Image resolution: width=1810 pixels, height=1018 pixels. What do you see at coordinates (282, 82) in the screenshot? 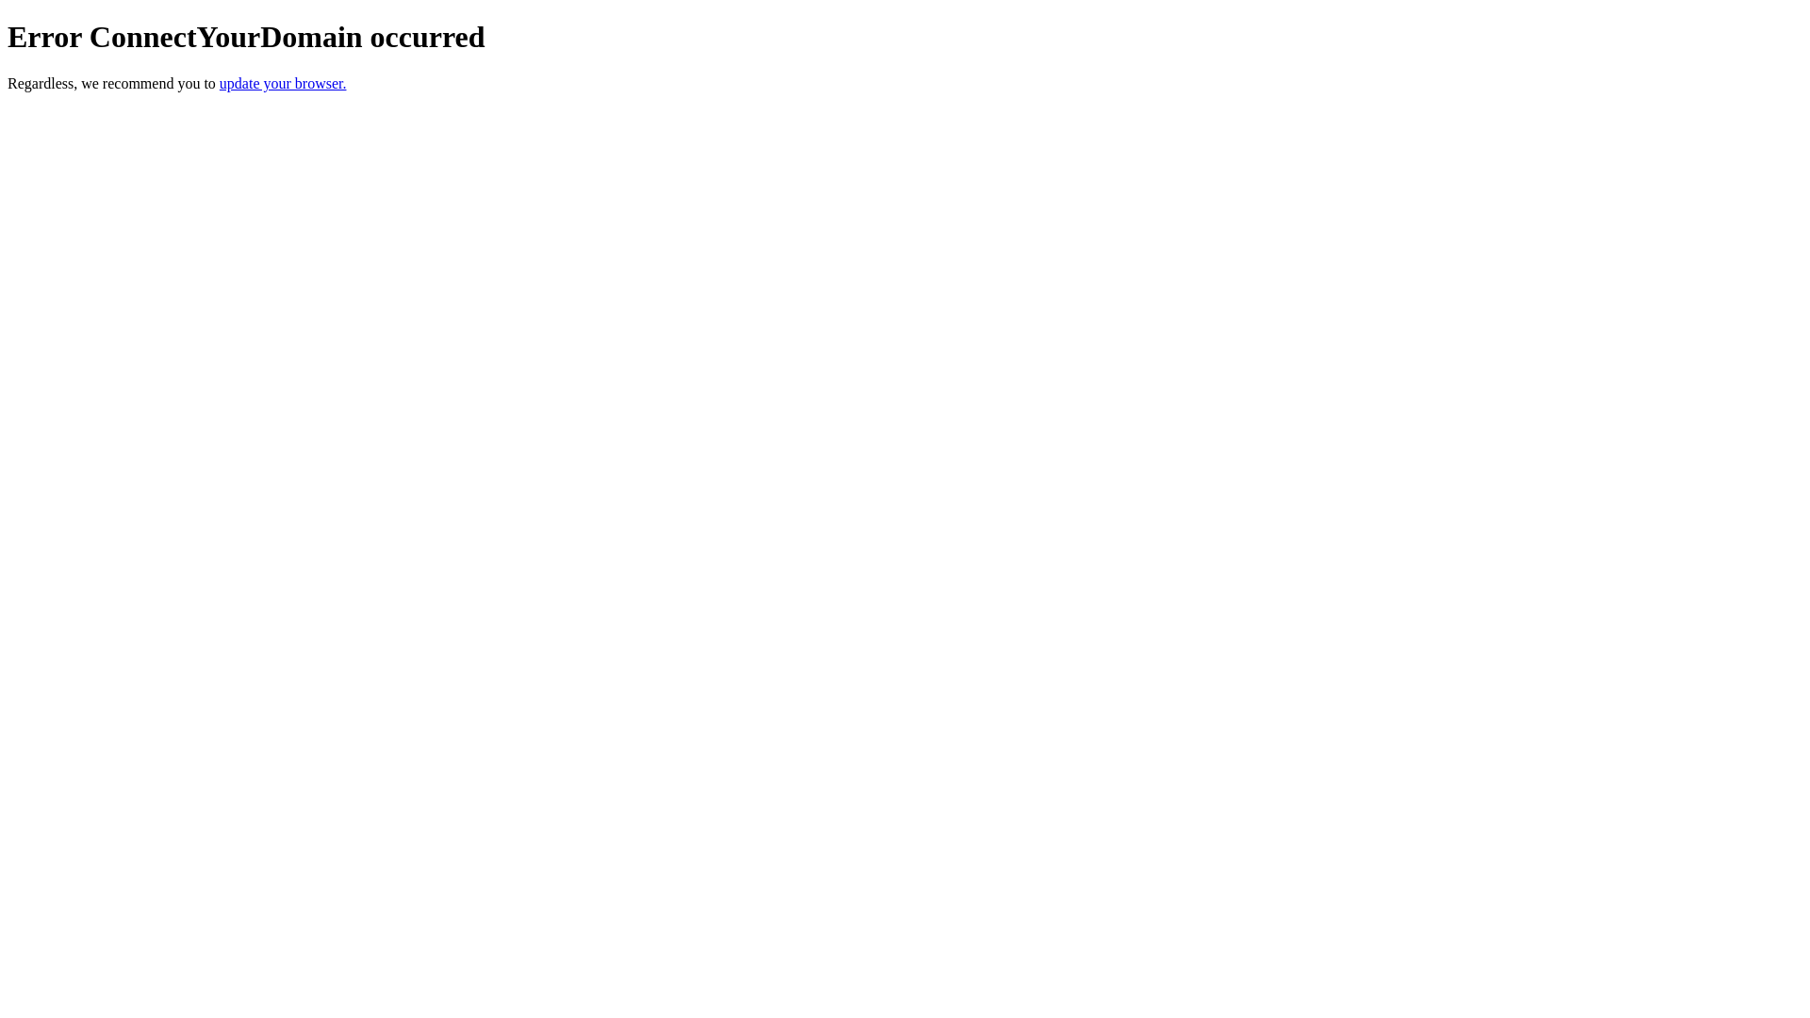
I see `'update your browser.'` at bounding box center [282, 82].